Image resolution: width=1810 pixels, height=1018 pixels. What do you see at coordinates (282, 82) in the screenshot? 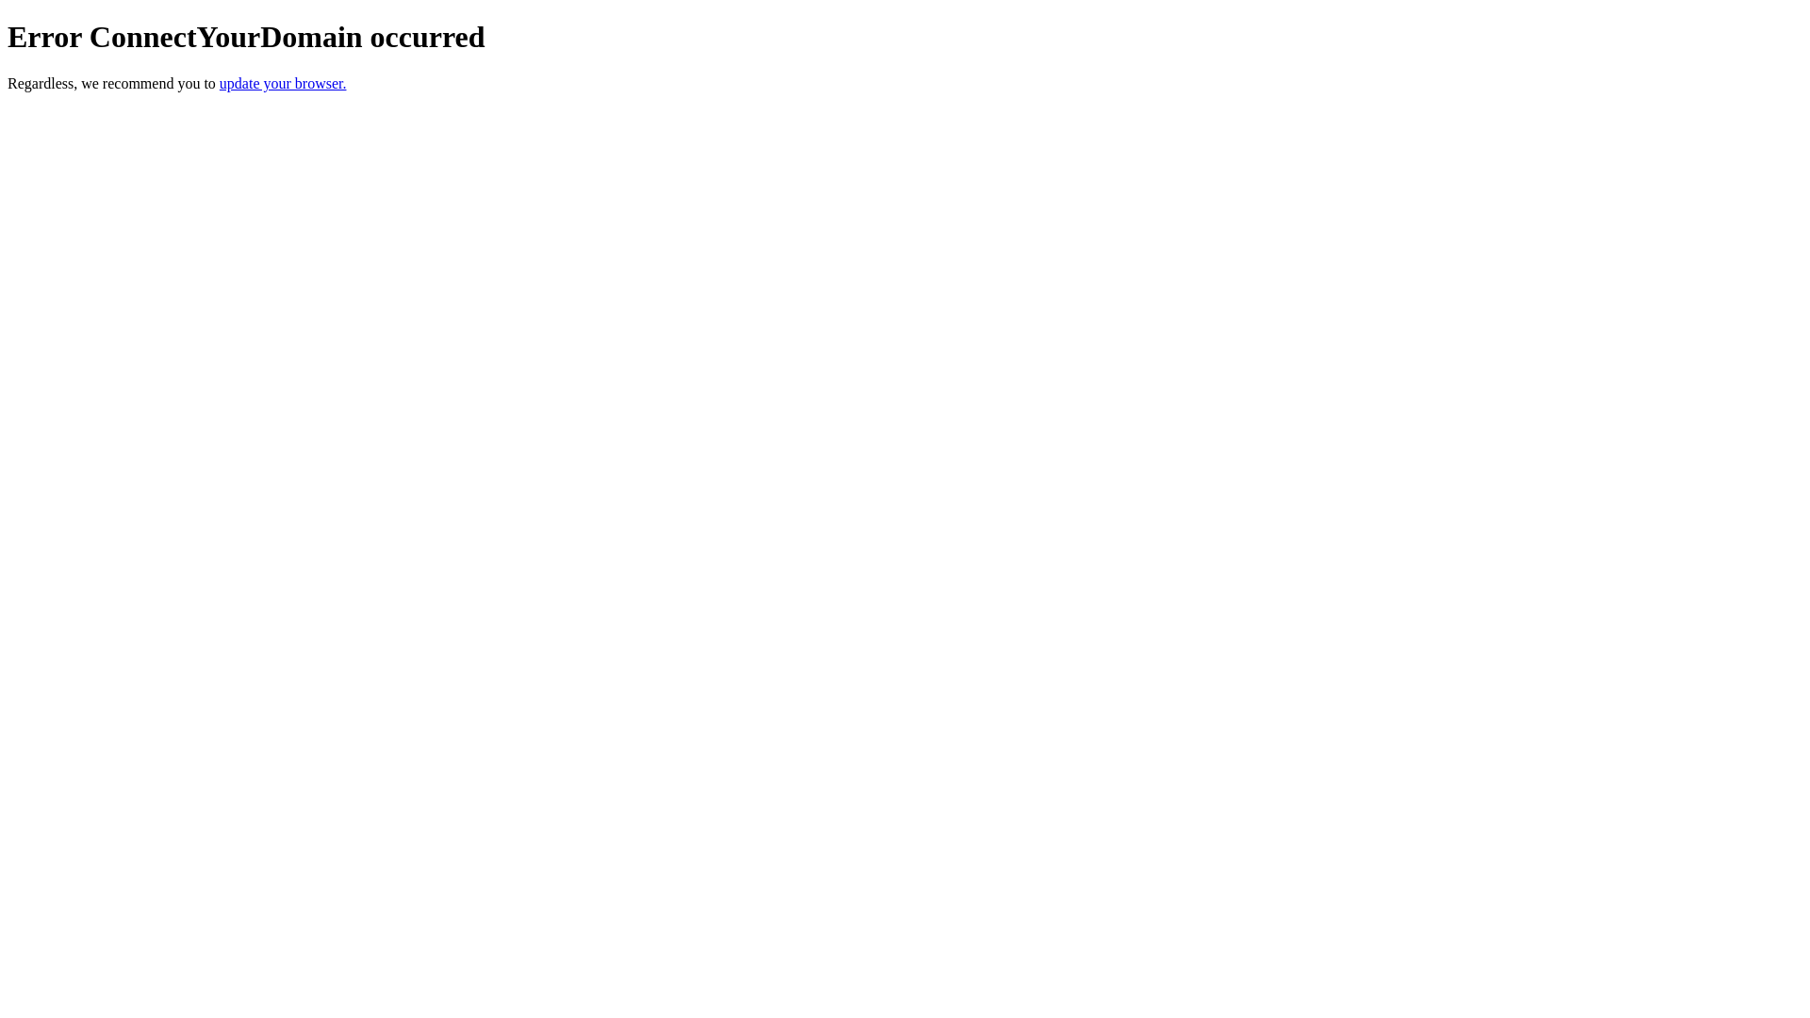
I see `'update your browser.'` at bounding box center [282, 82].